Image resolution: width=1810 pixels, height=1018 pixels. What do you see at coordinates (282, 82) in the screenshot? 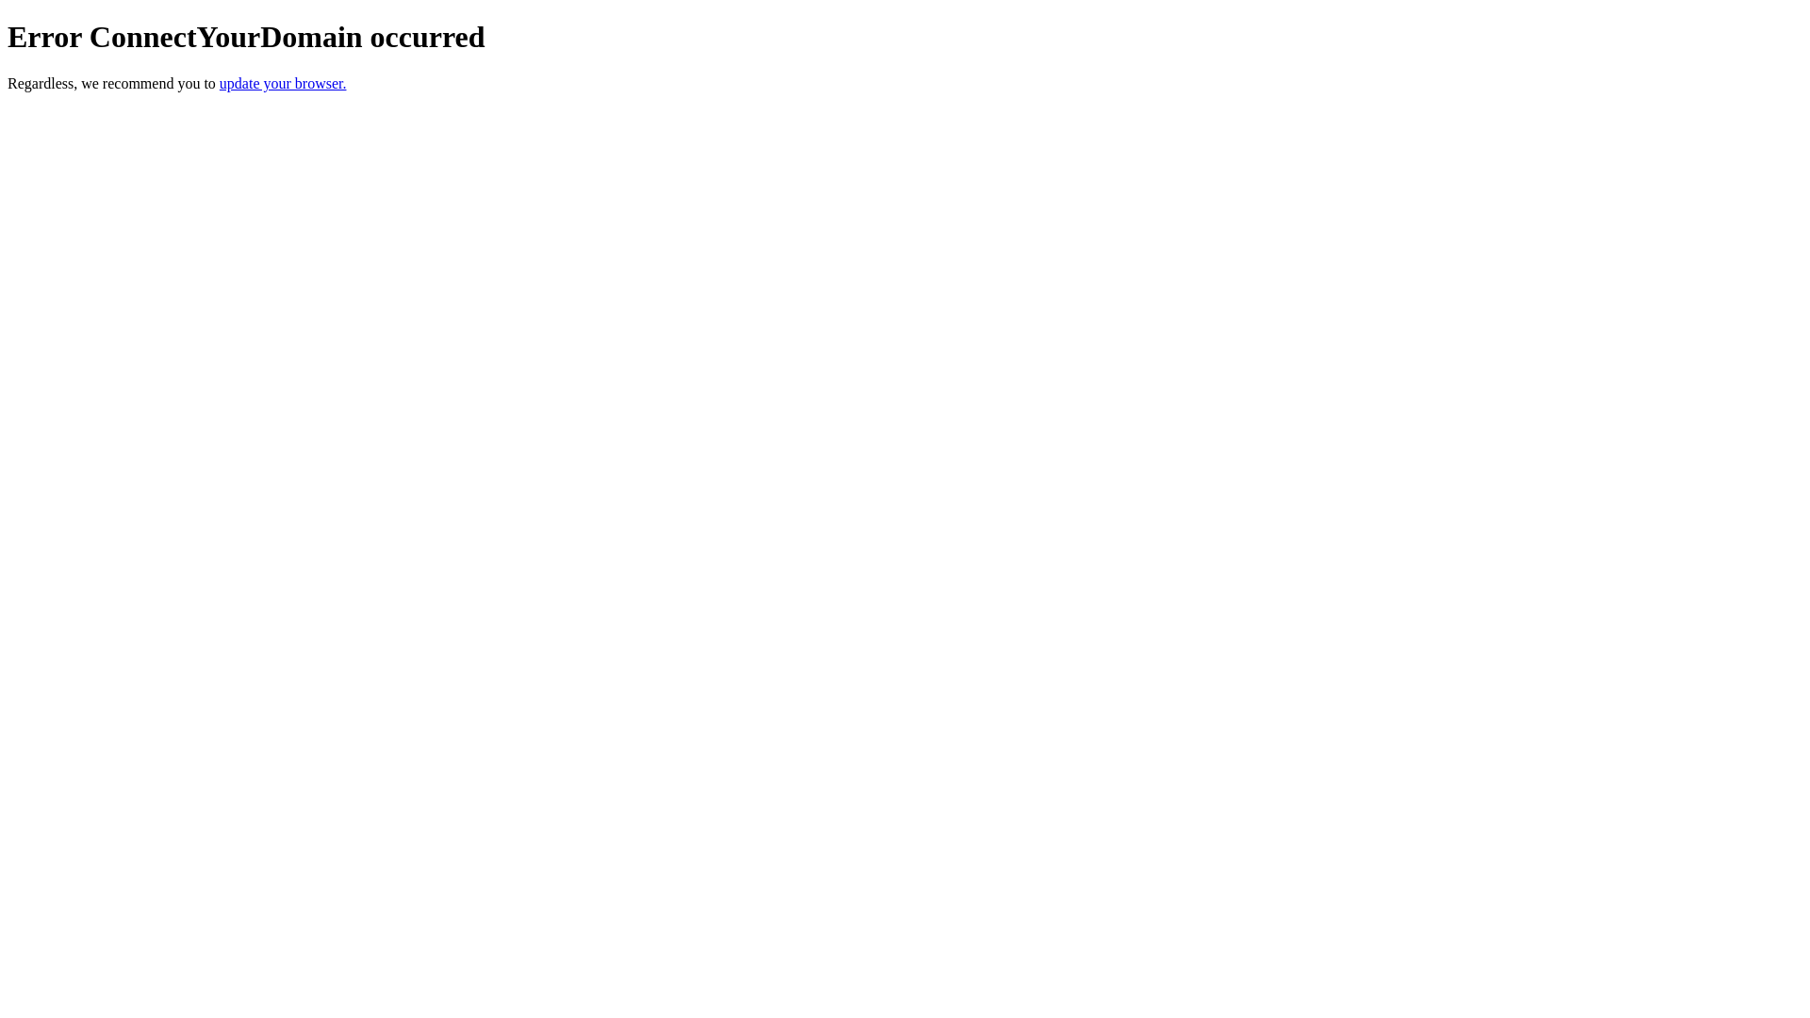
I see `'update your browser.'` at bounding box center [282, 82].